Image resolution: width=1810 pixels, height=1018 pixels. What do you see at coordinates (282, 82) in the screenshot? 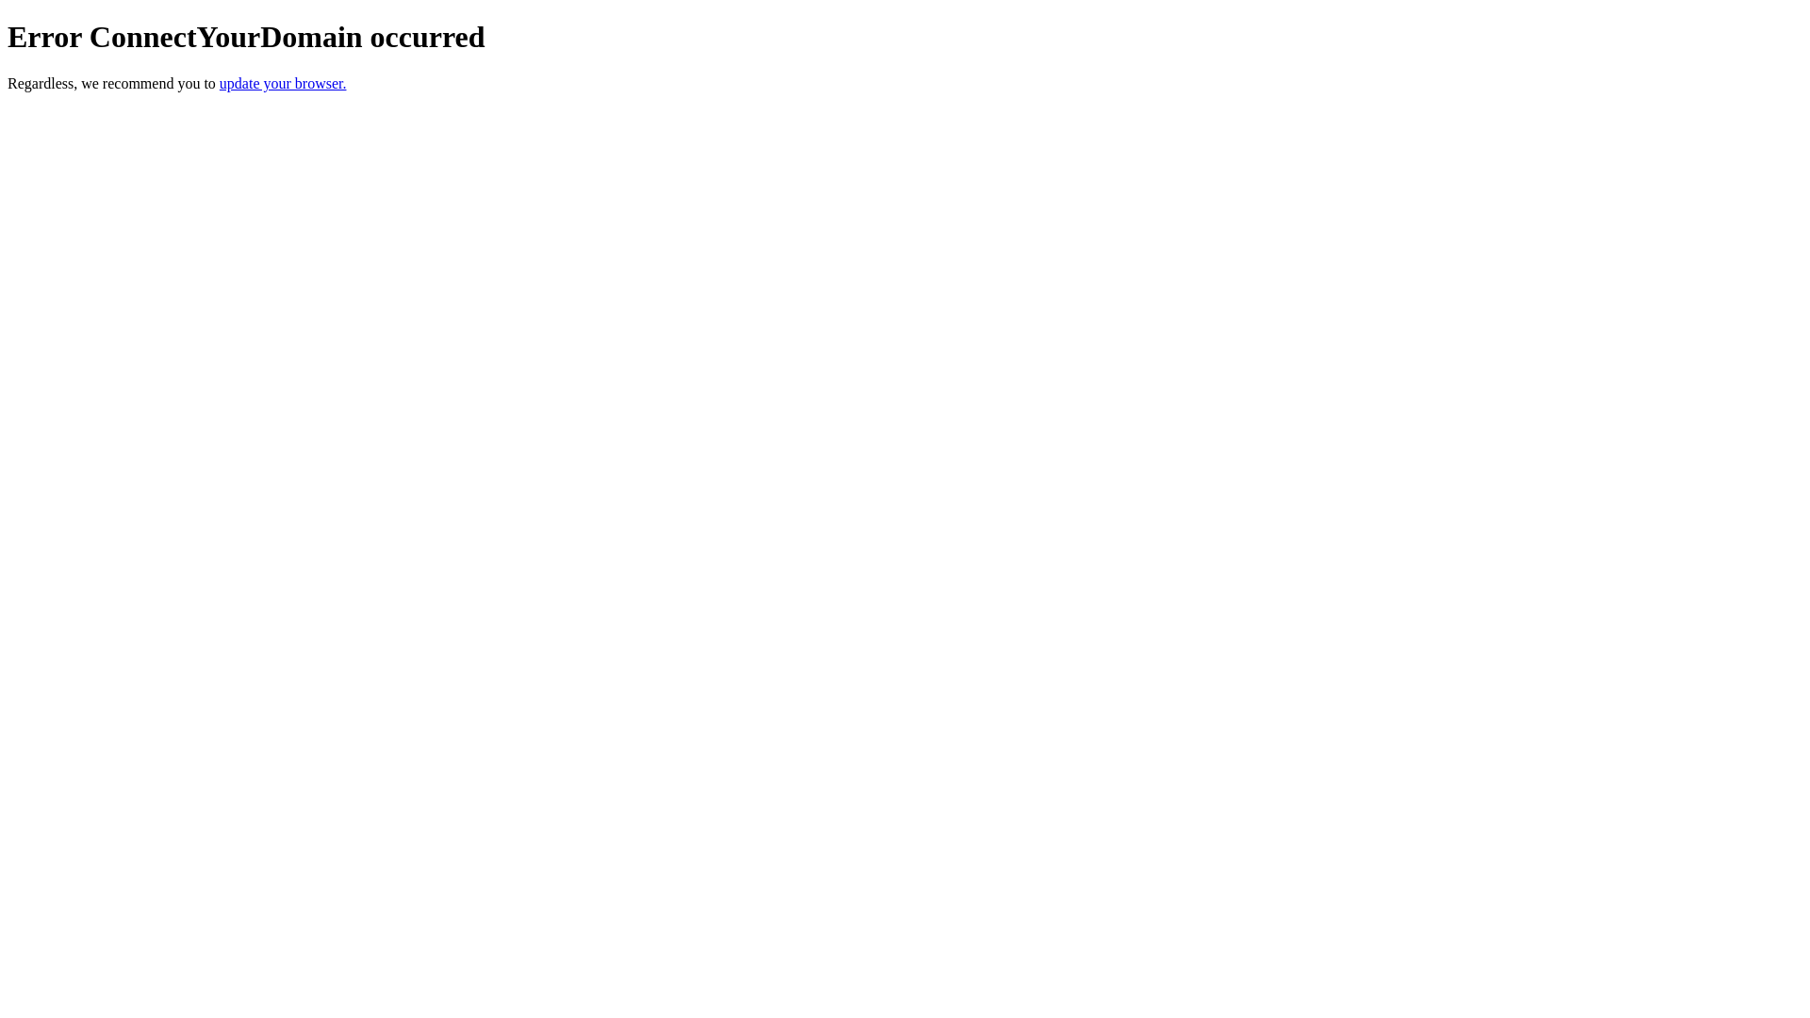
I see `'update your browser.'` at bounding box center [282, 82].